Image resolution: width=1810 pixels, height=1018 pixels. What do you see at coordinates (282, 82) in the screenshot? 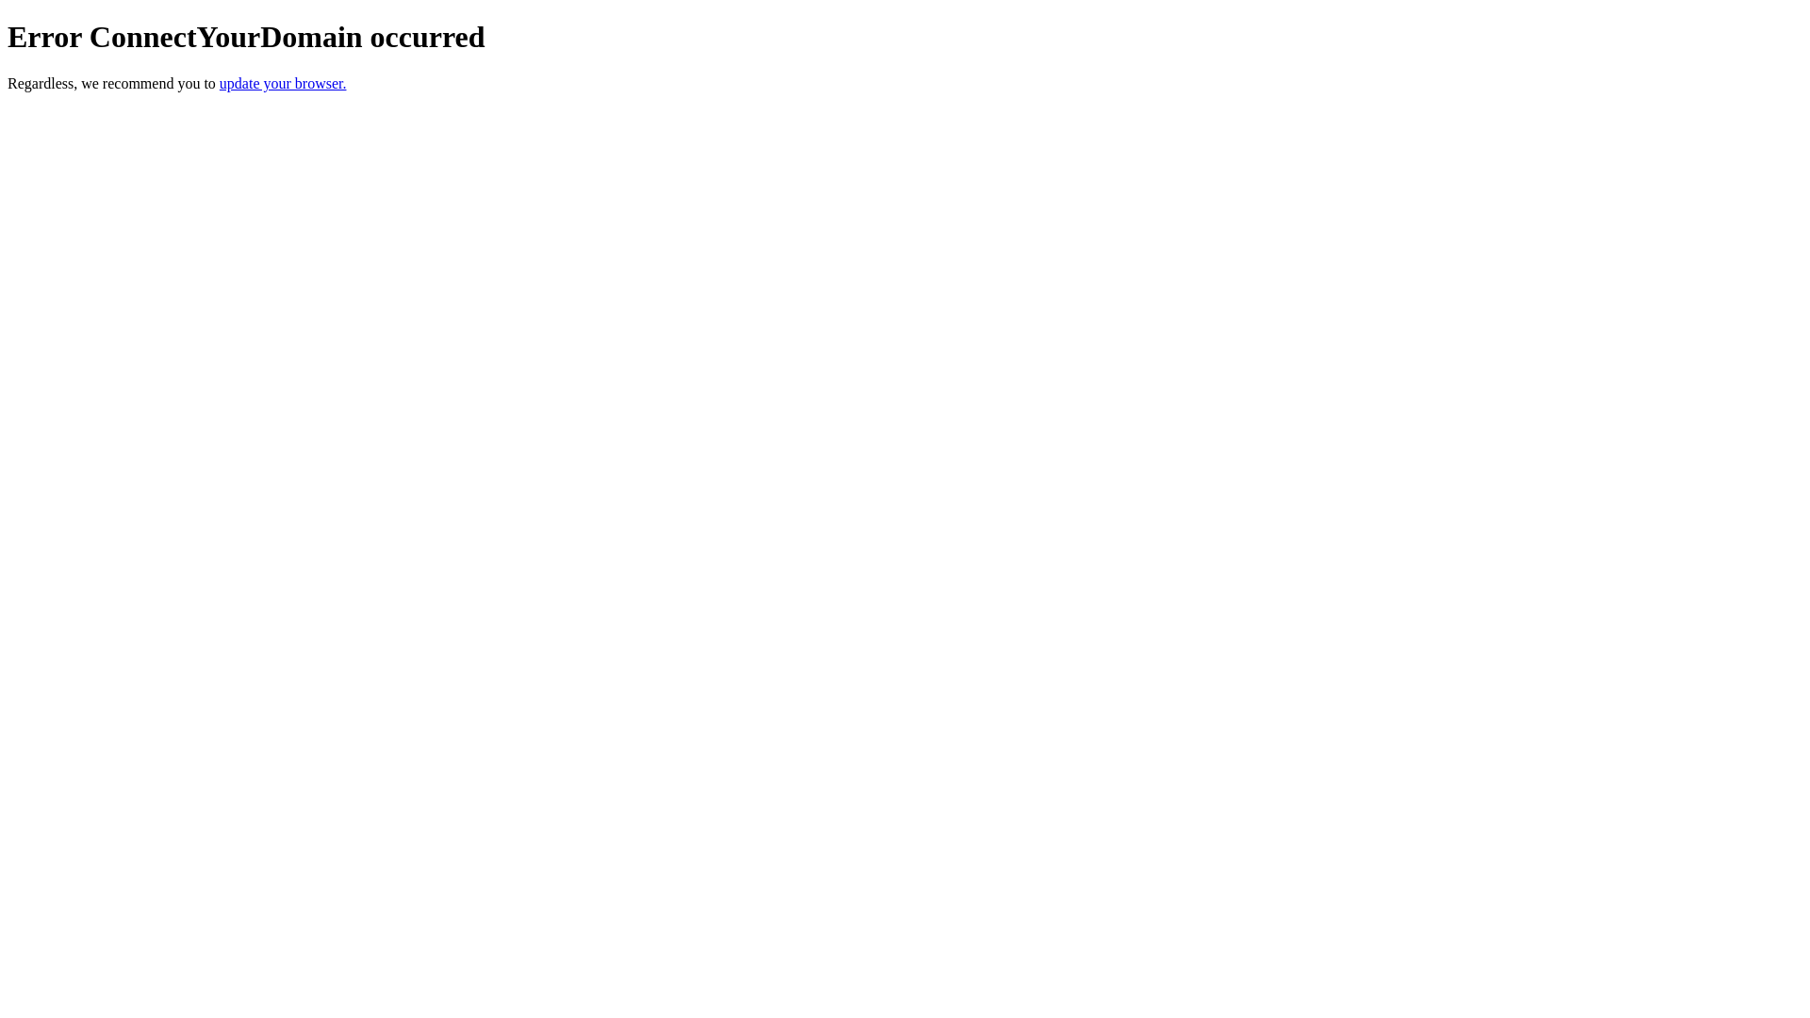
I see `'update your browser.'` at bounding box center [282, 82].